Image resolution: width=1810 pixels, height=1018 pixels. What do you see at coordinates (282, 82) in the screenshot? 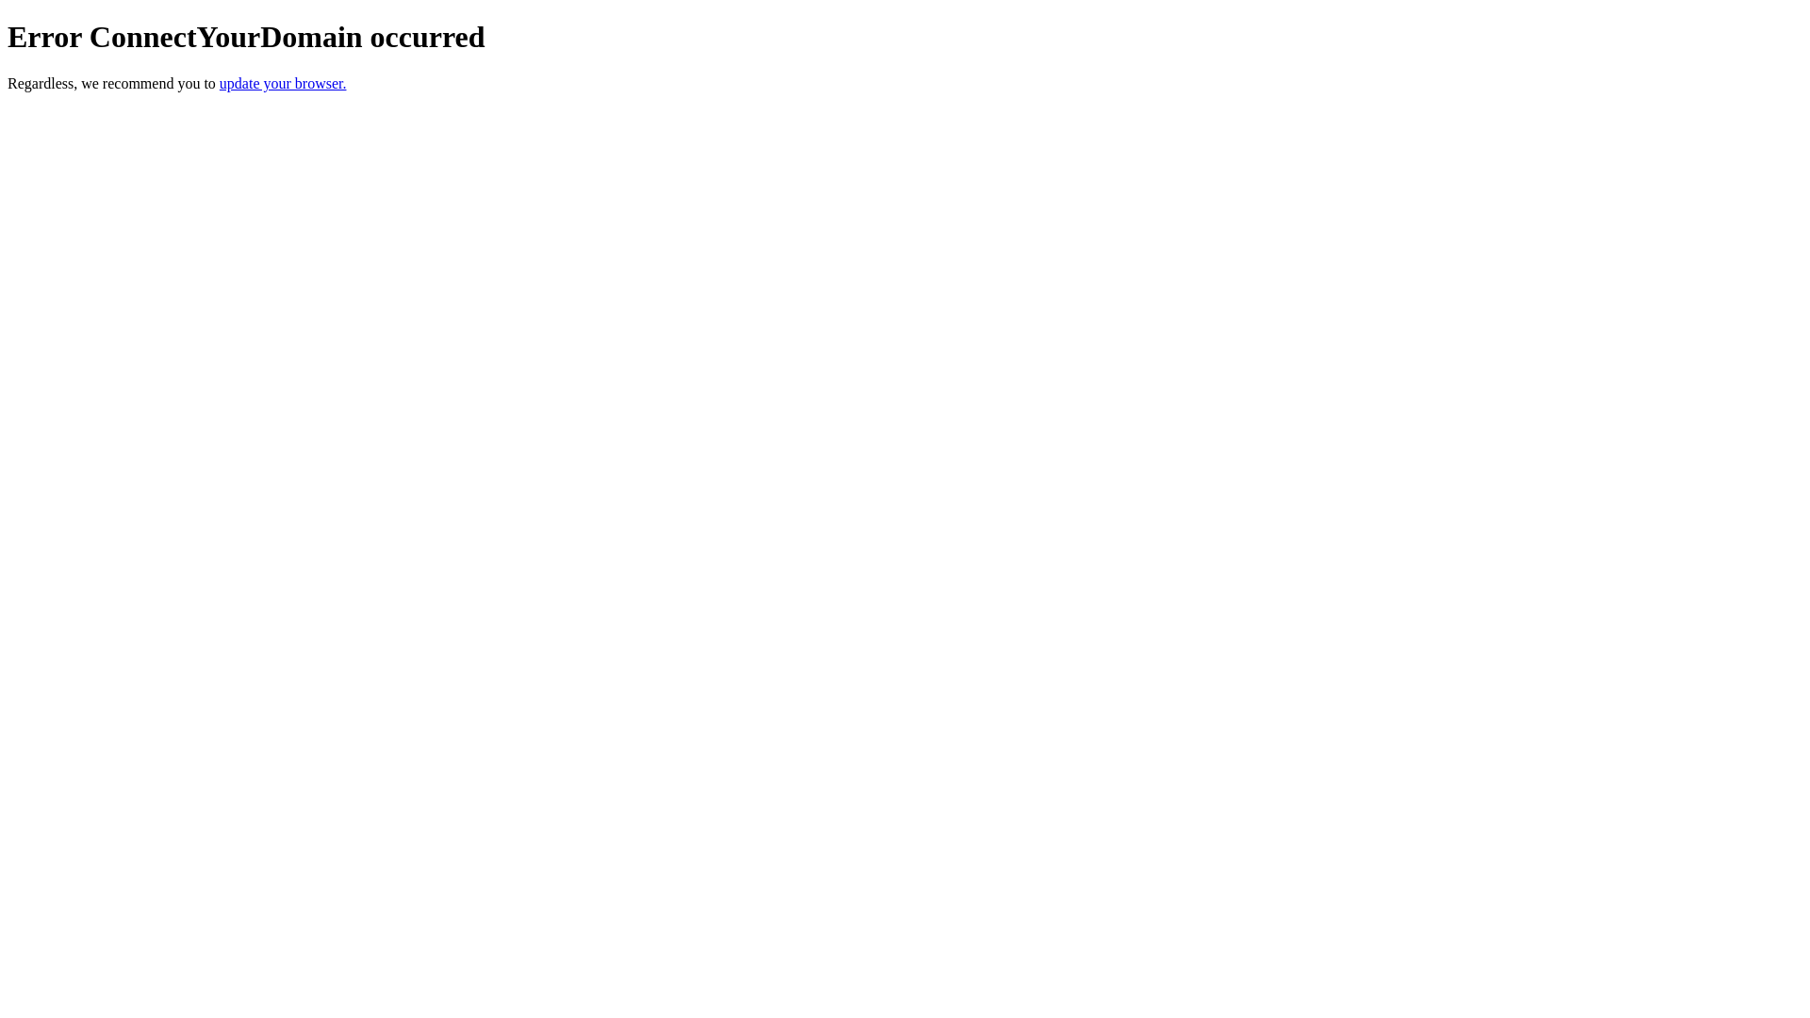
I see `'update your browser.'` at bounding box center [282, 82].